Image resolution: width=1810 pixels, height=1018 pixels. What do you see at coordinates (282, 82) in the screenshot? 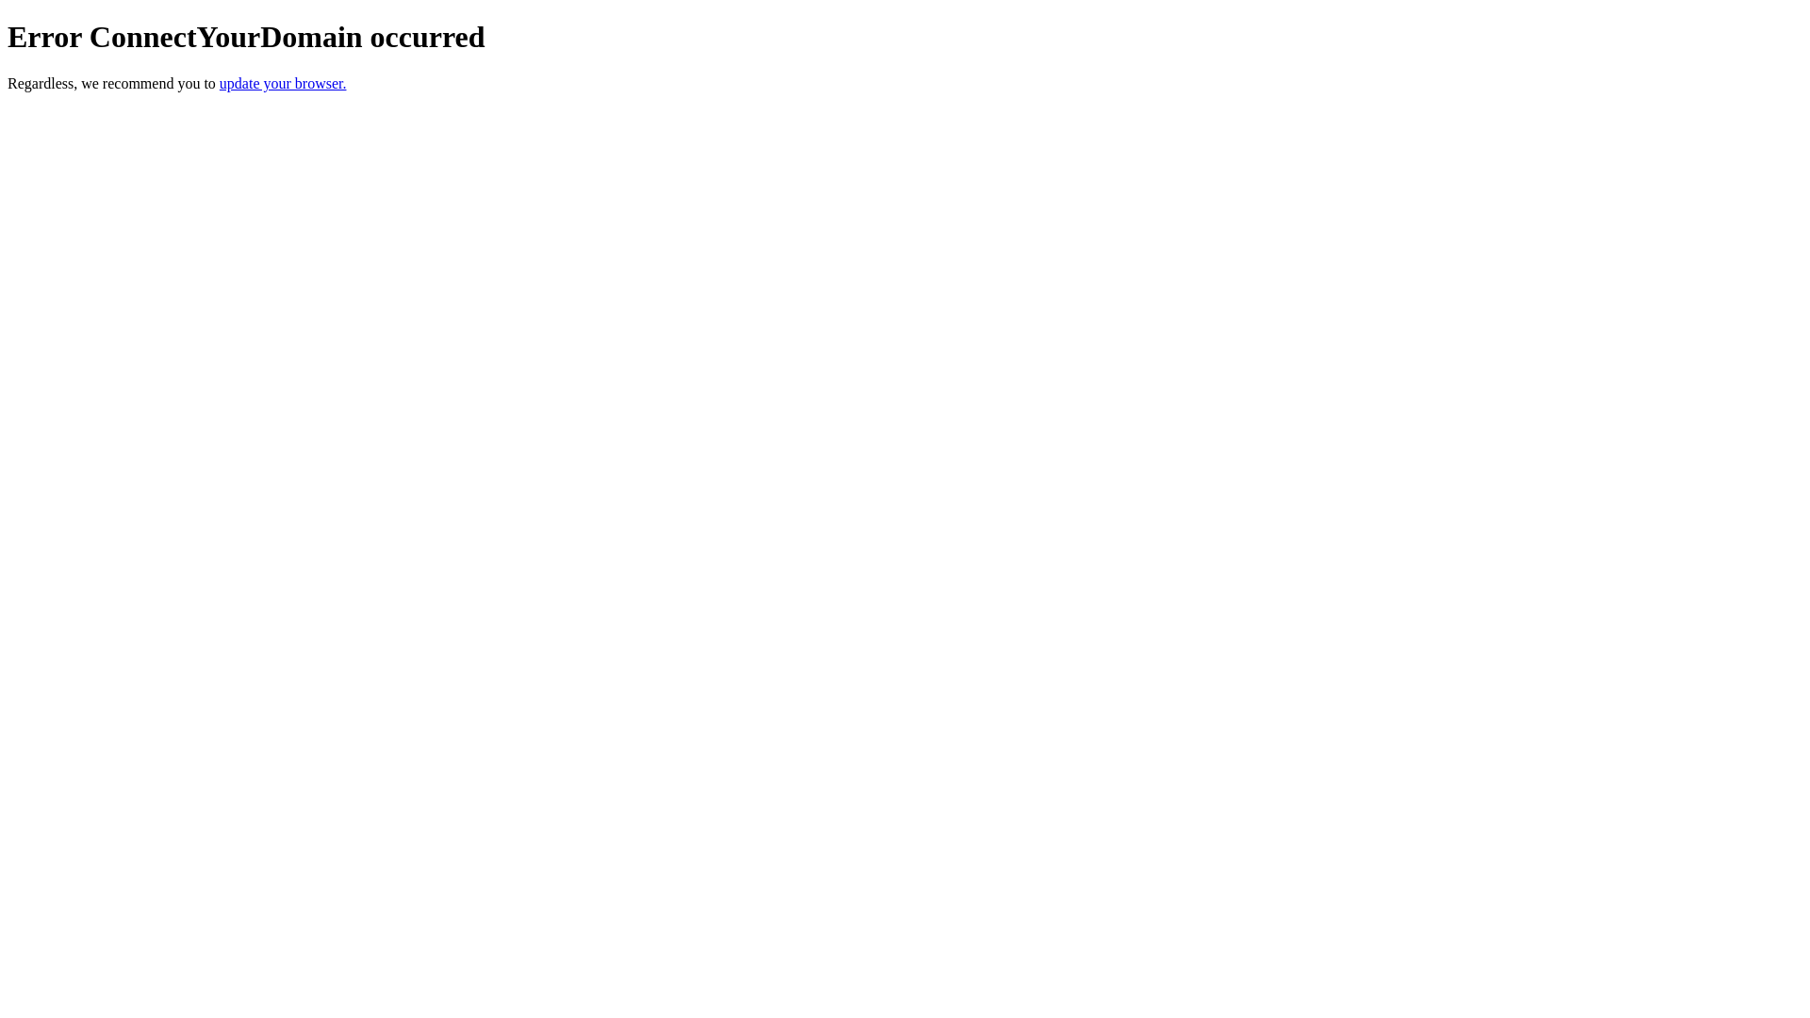
I see `'update your browser.'` at bounding box center [282, 82].